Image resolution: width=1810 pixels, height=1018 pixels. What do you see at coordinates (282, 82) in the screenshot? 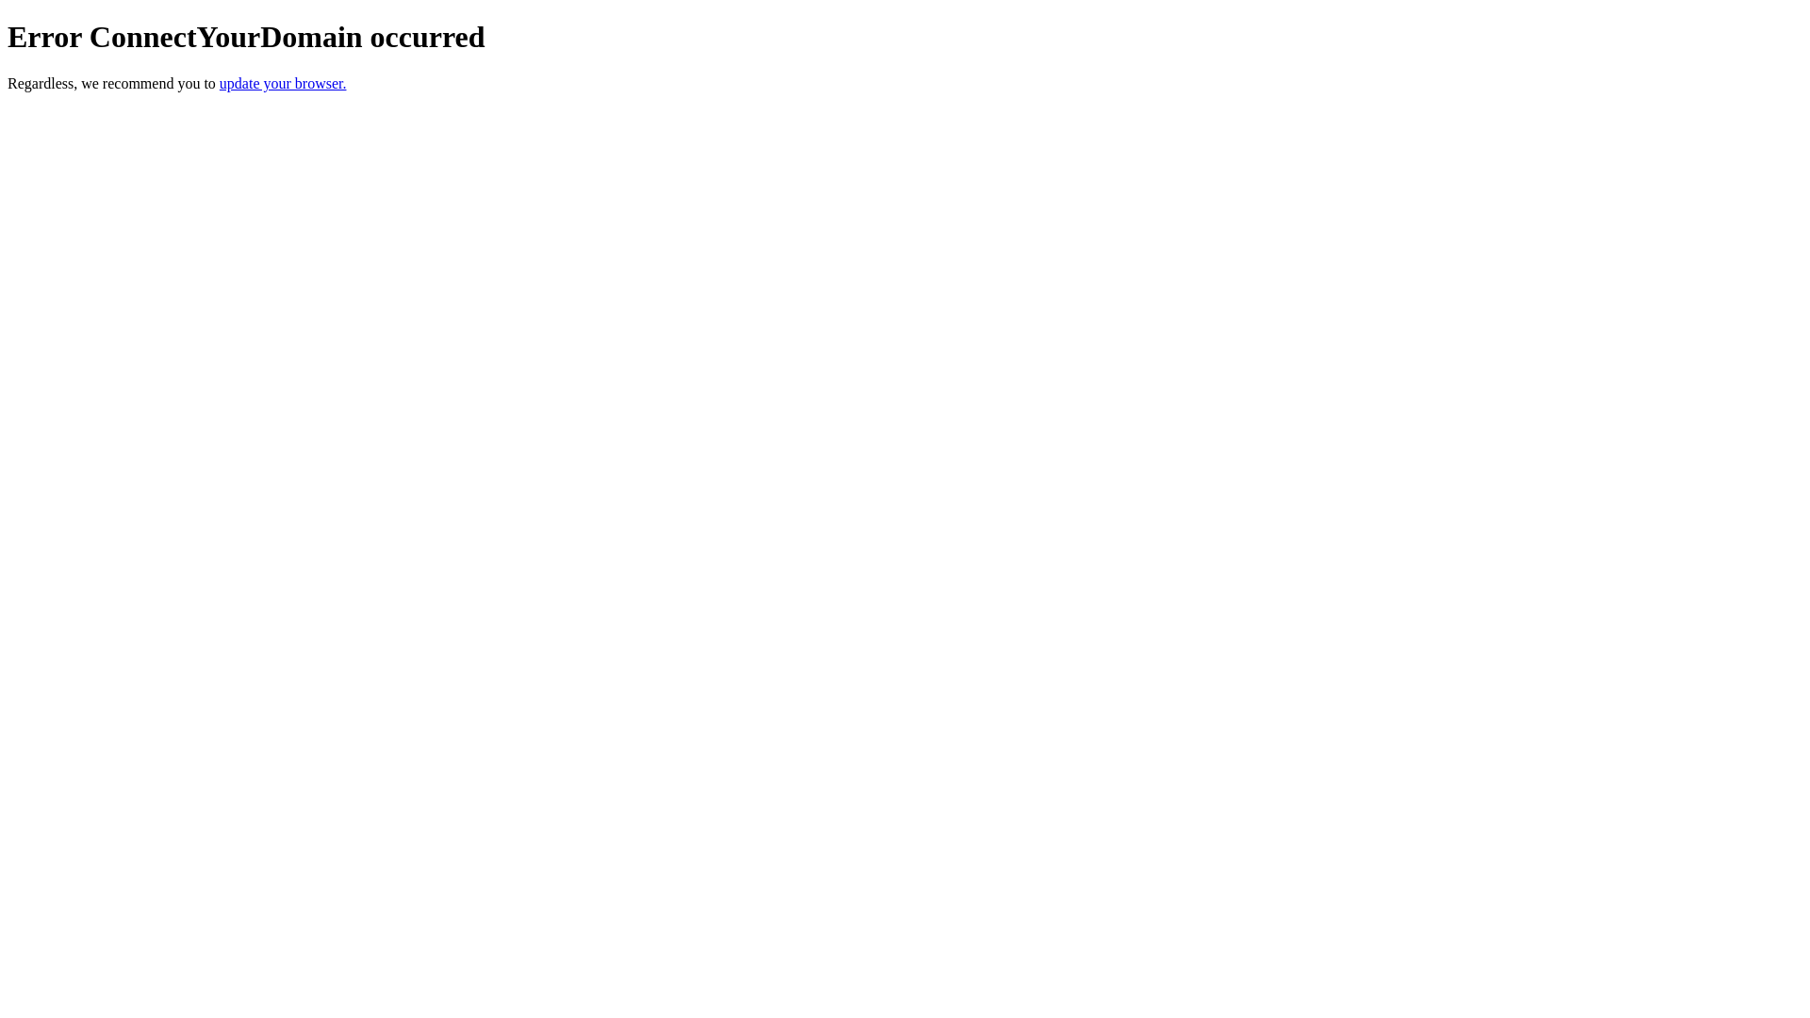
I see `'update your browser.'` at bounding box center [282, 82].